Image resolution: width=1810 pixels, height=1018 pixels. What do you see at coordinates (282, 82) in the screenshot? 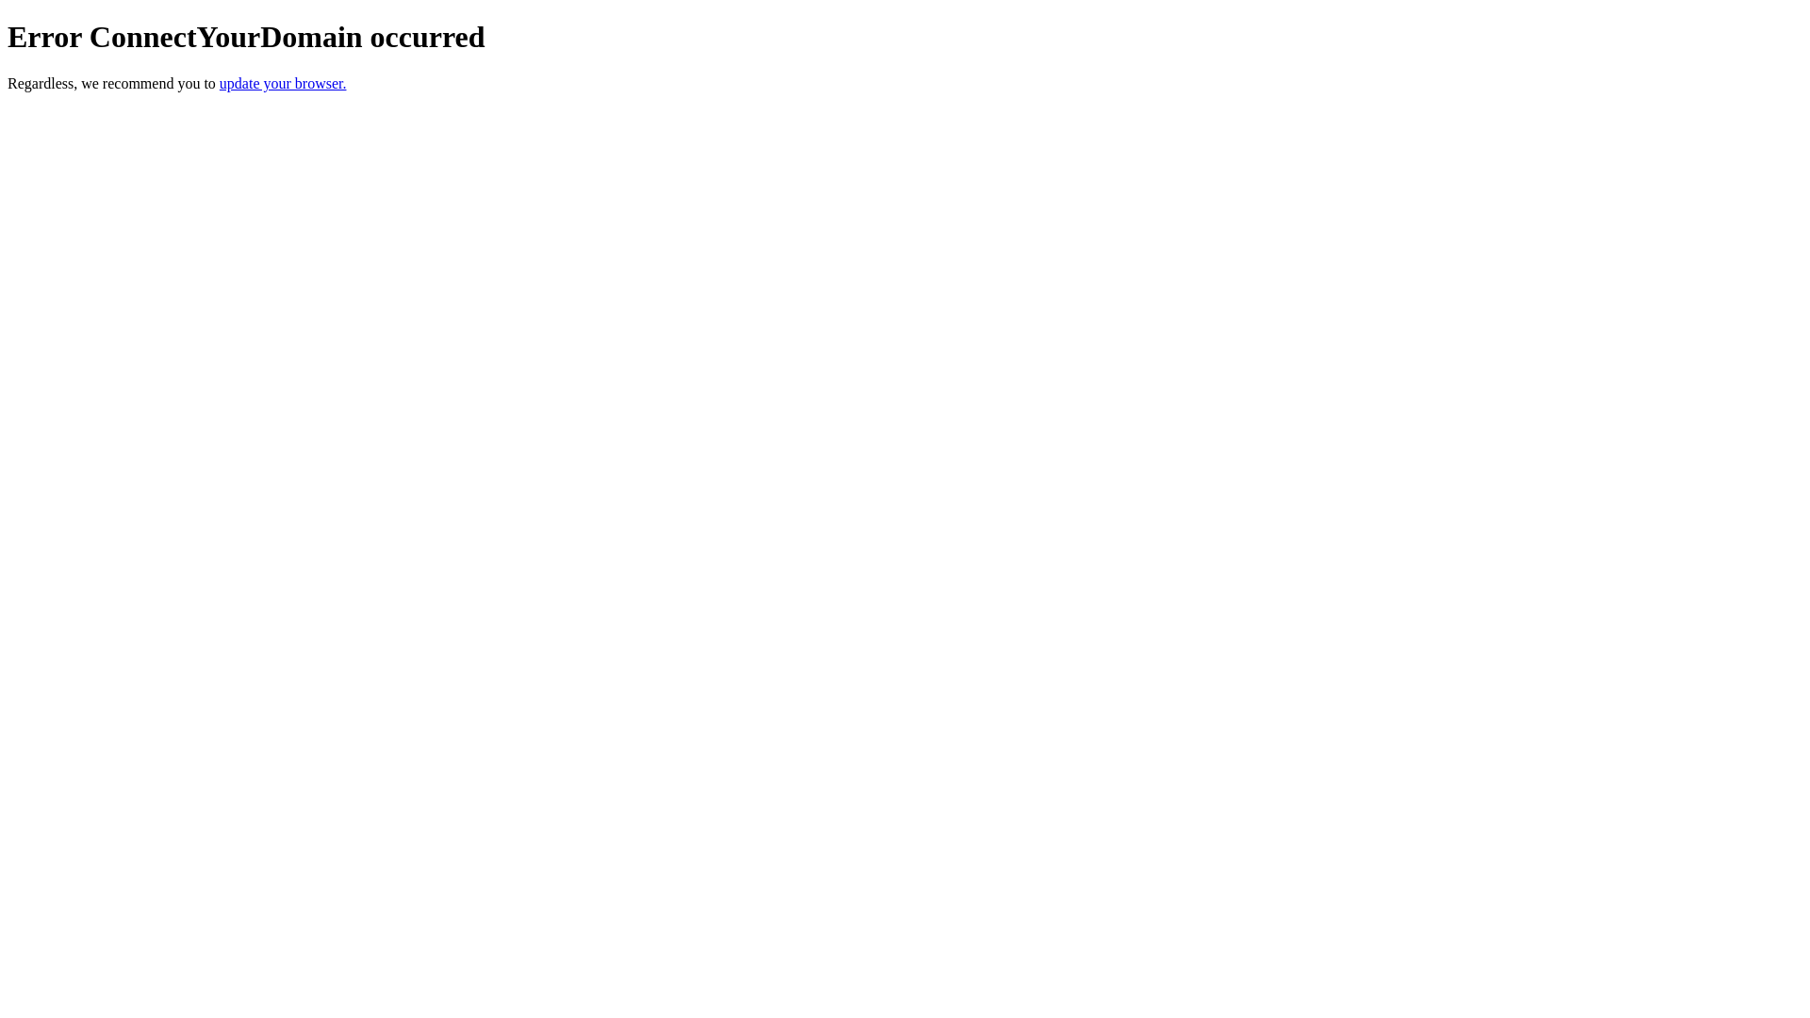
I see `'update your browser.'` at bounding box center [282, 82].